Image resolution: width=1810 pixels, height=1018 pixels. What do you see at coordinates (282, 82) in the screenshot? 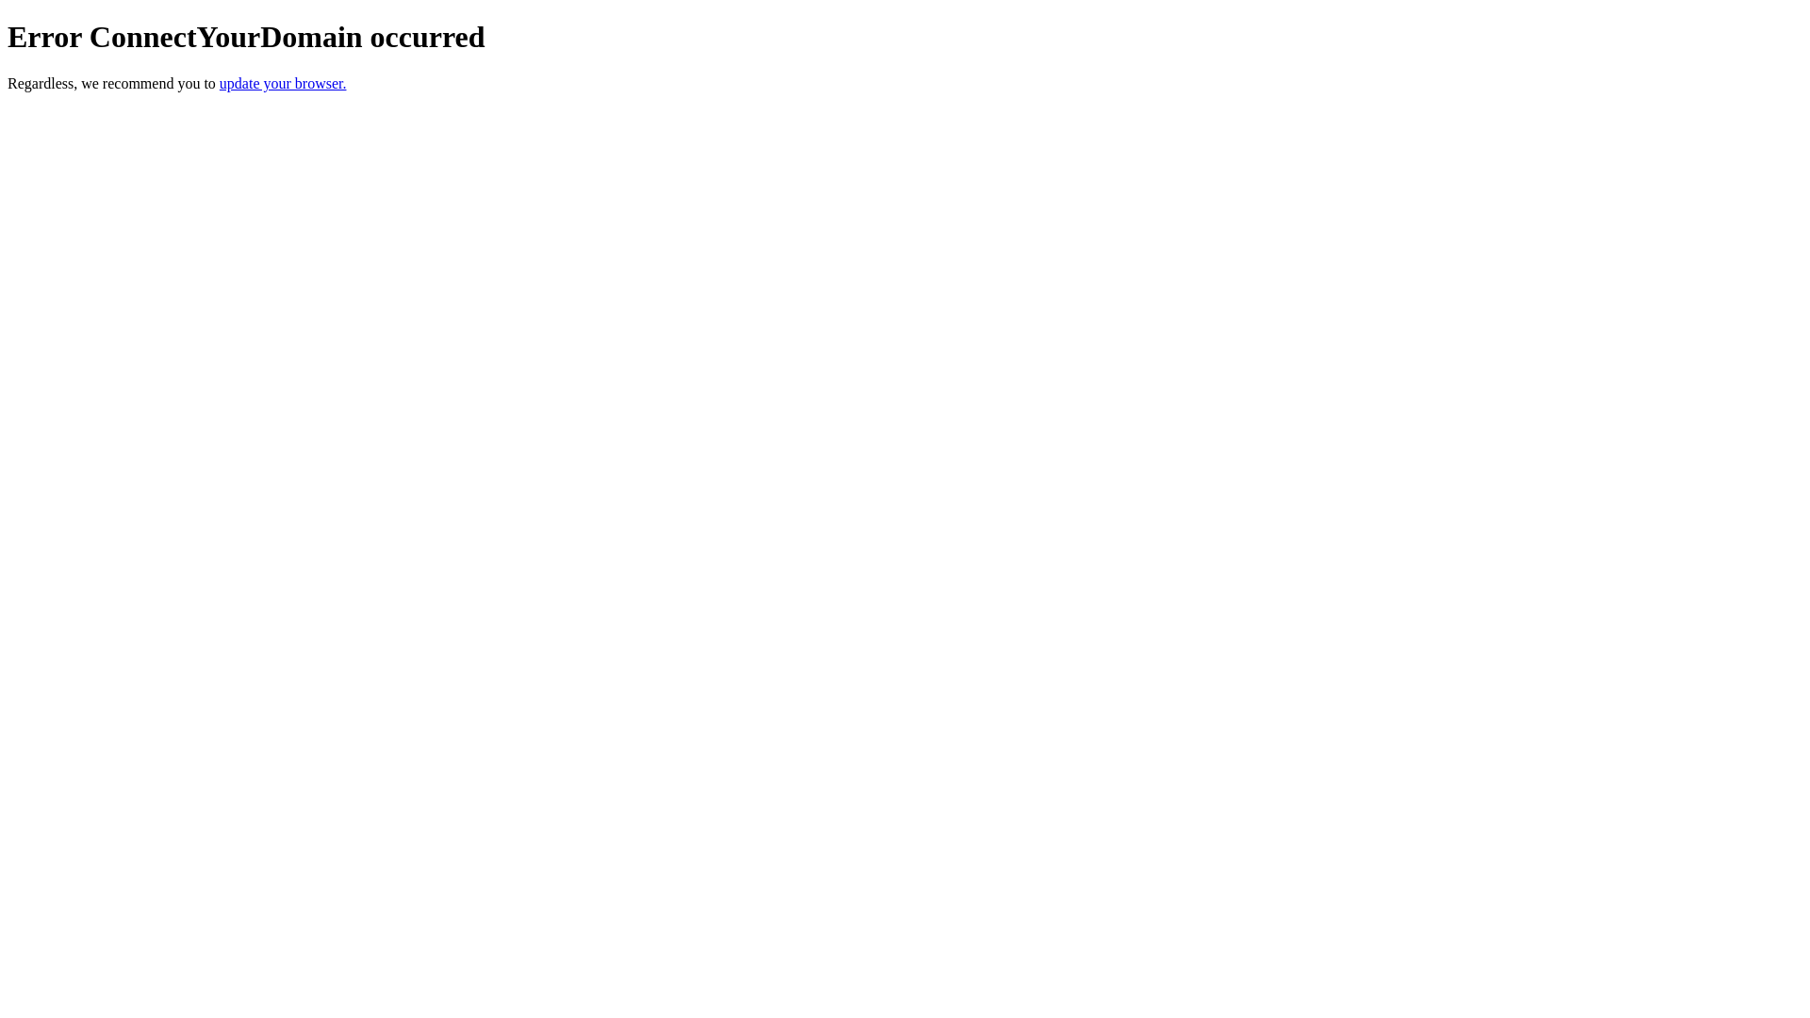
I see `'update your browser.'` at bounding box center [282, 82].